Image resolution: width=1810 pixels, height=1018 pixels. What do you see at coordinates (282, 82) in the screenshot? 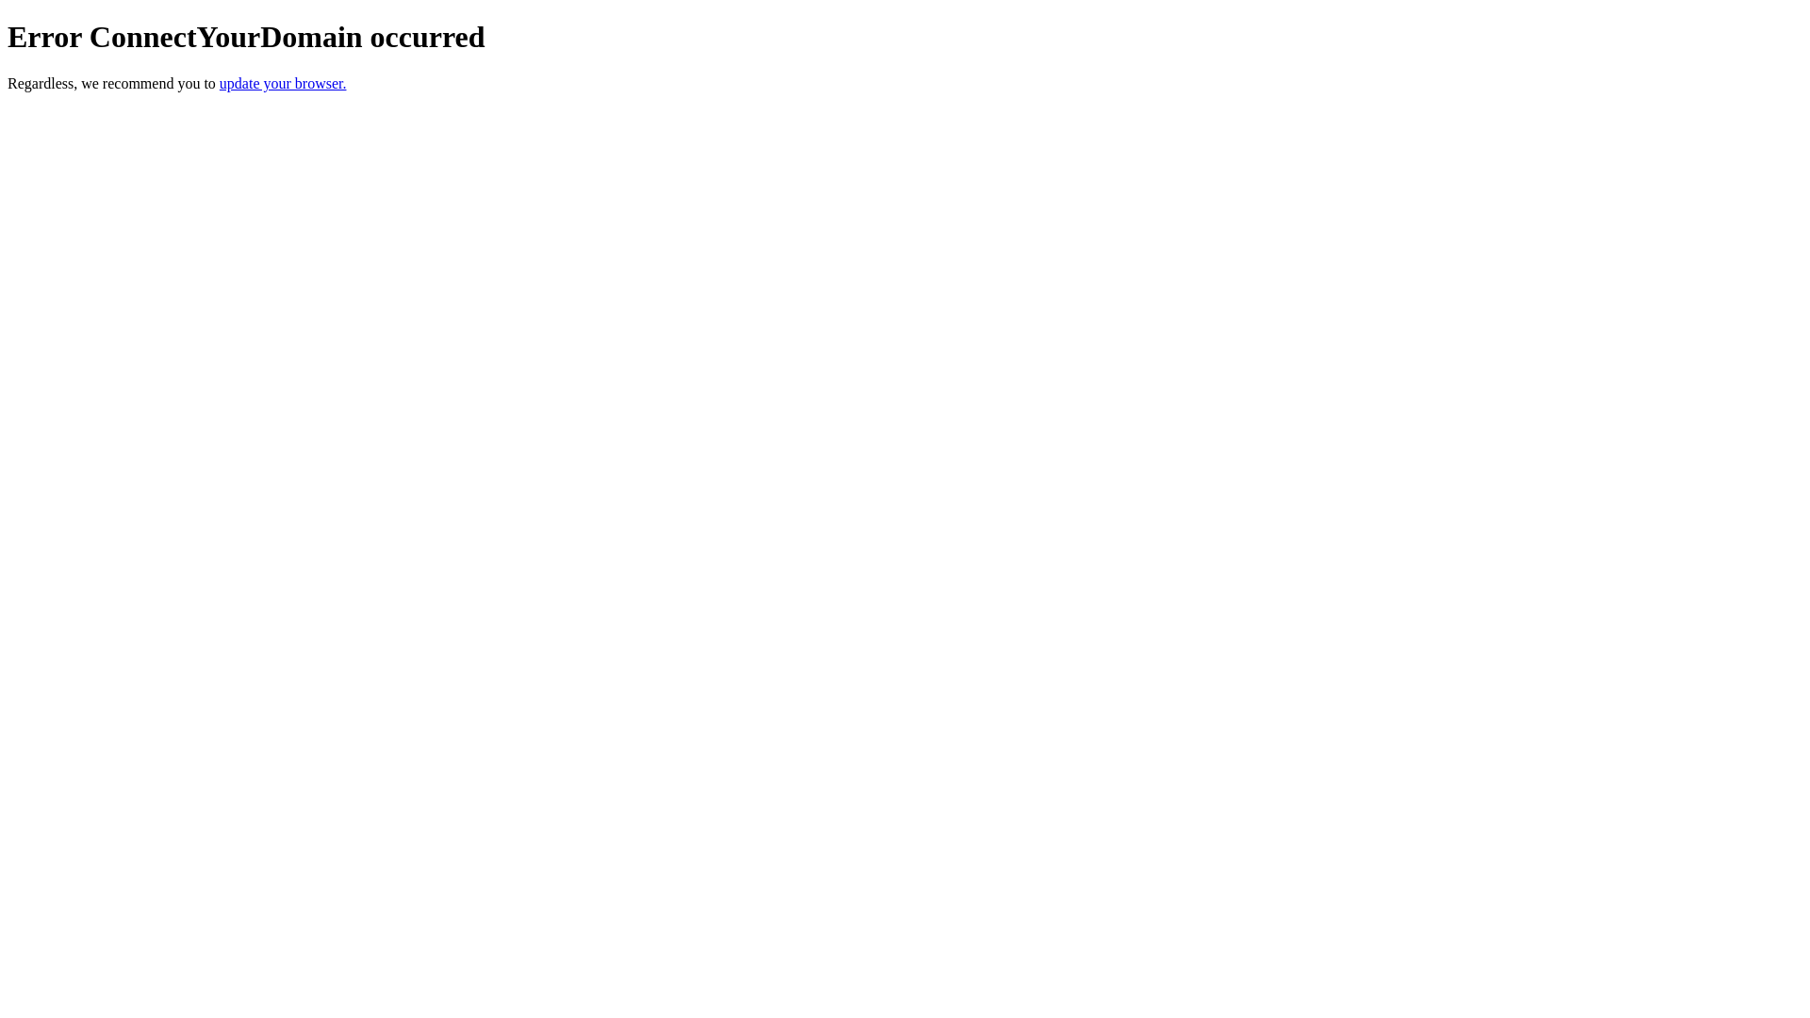
I see `'update your browser.'` at bounding box center [282, 82].